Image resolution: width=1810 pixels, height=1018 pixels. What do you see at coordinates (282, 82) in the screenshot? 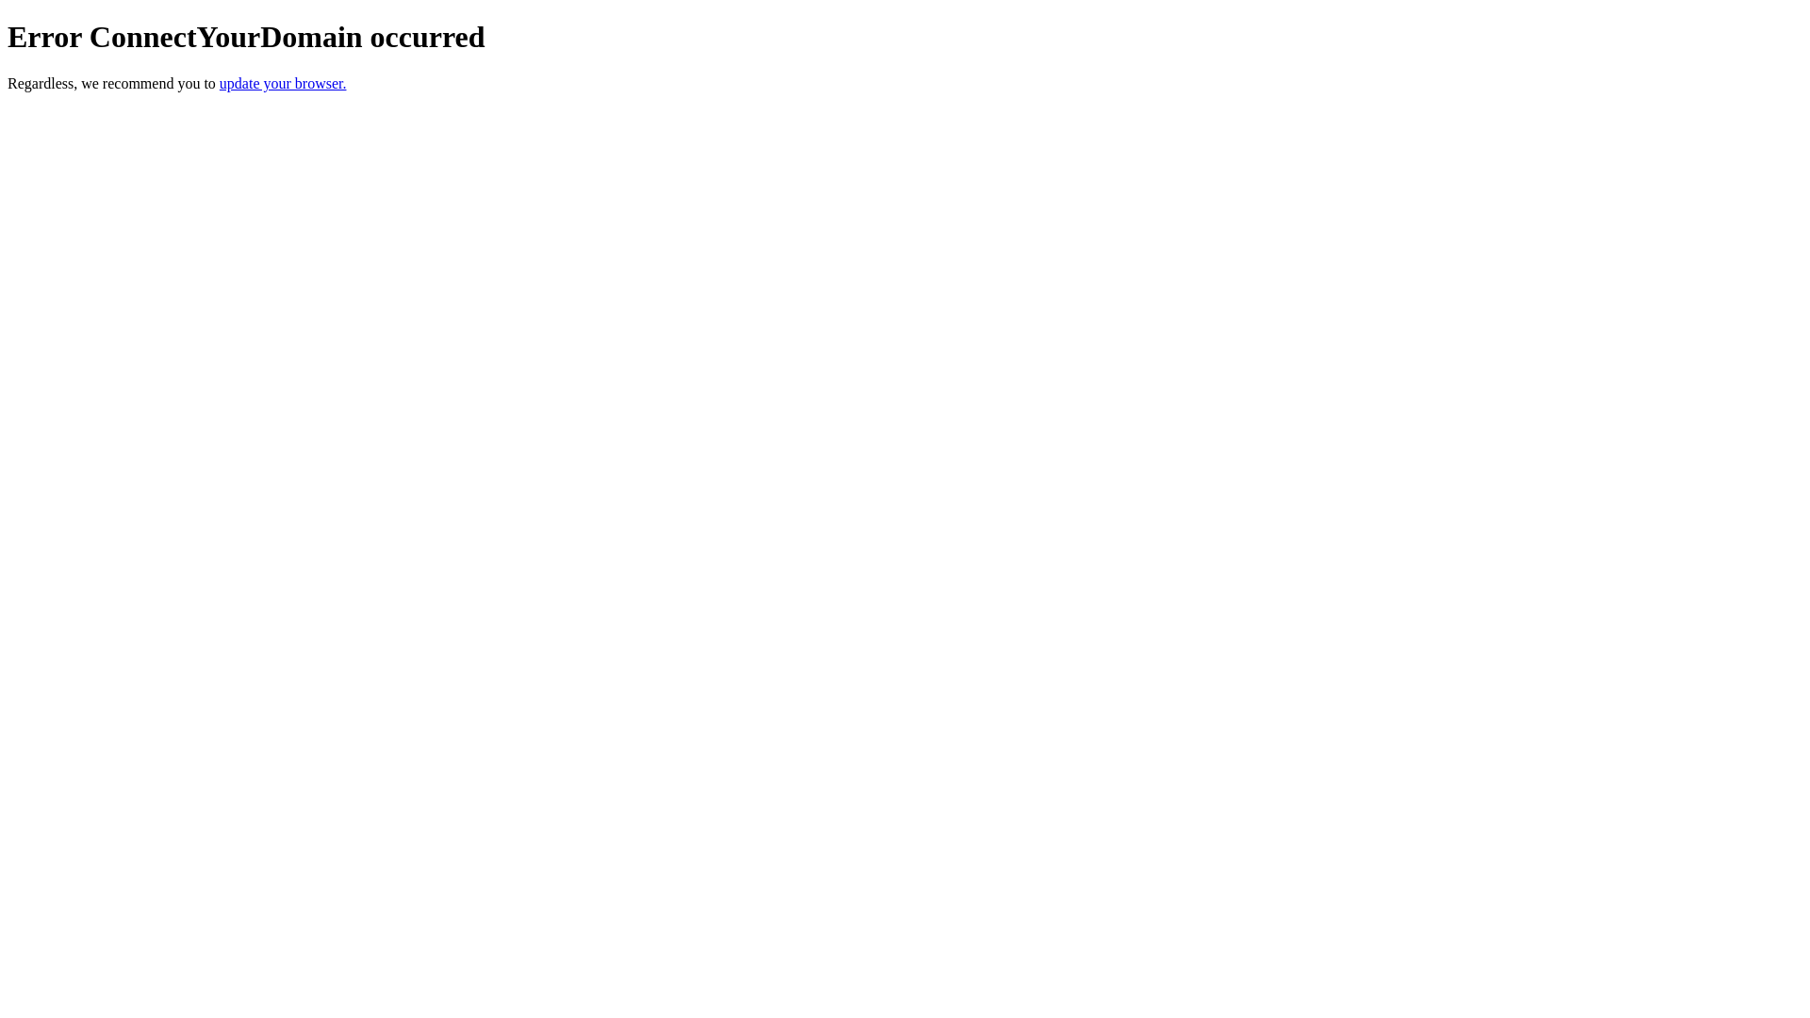
I see `'update your browser.'` at bounding box center [282, 82].